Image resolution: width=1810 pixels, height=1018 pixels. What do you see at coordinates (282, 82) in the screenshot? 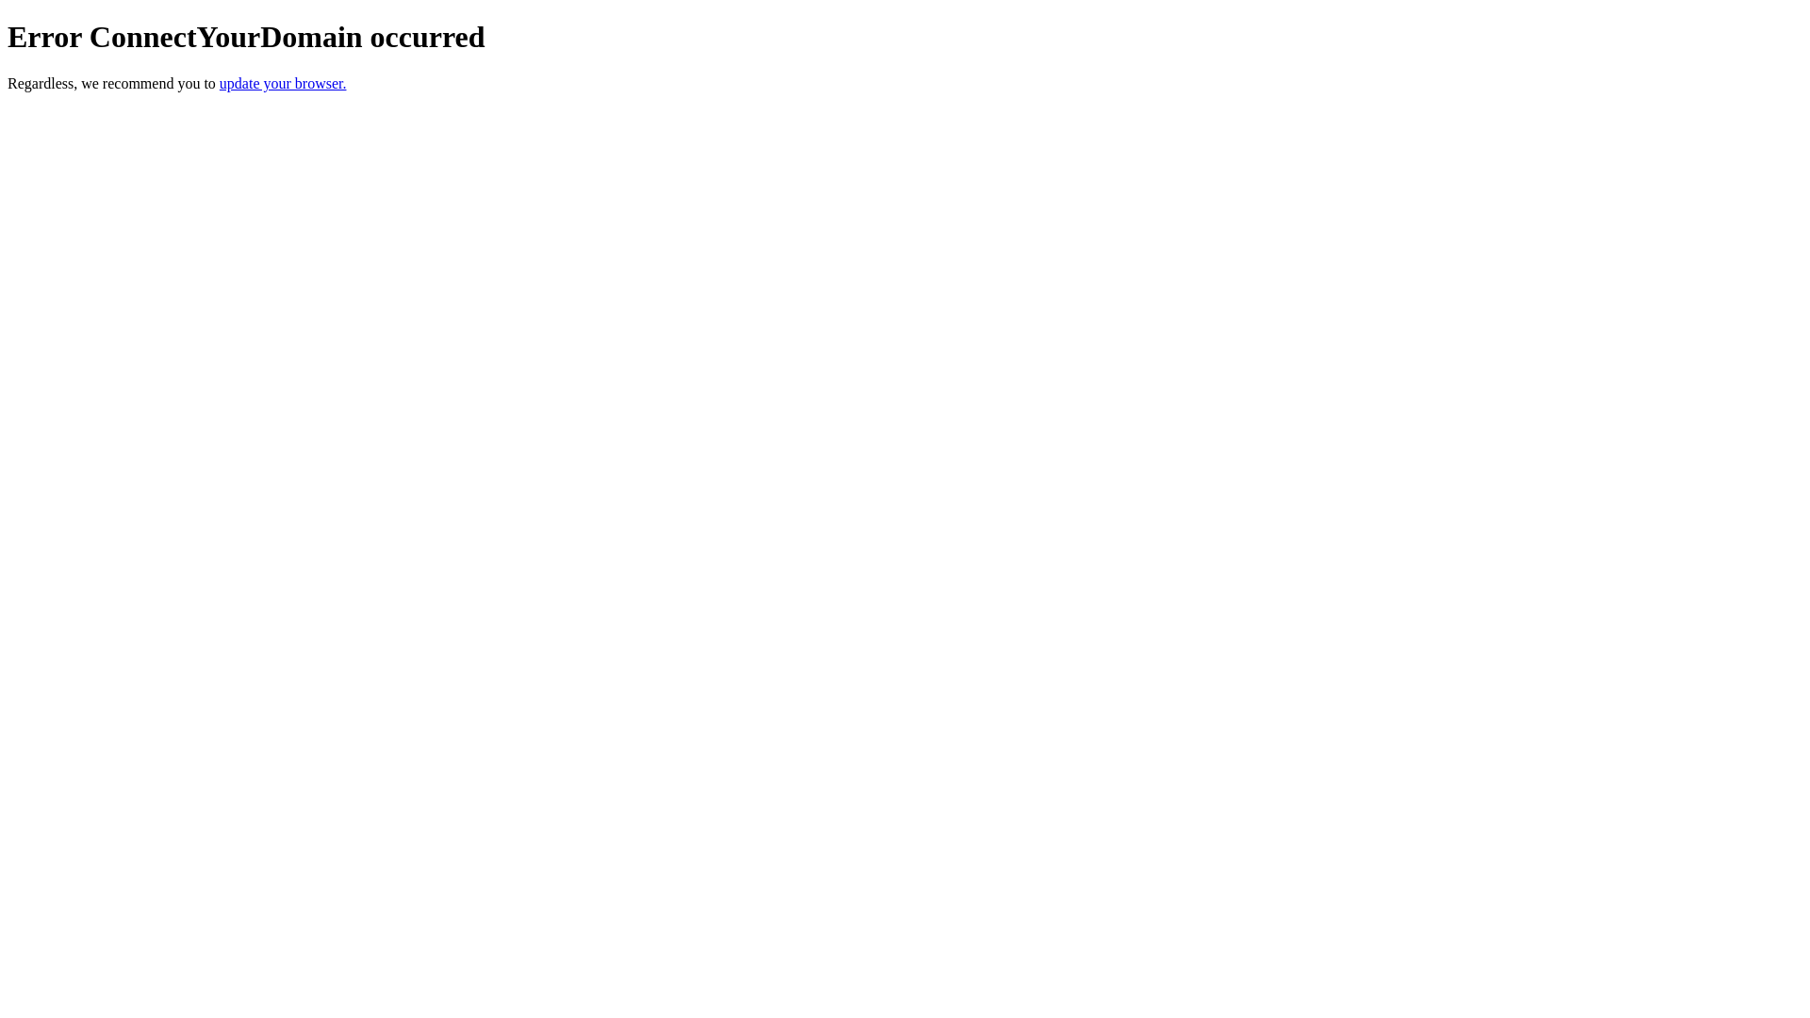
I see `'update your browser.'` at bounding box center [282, 82].